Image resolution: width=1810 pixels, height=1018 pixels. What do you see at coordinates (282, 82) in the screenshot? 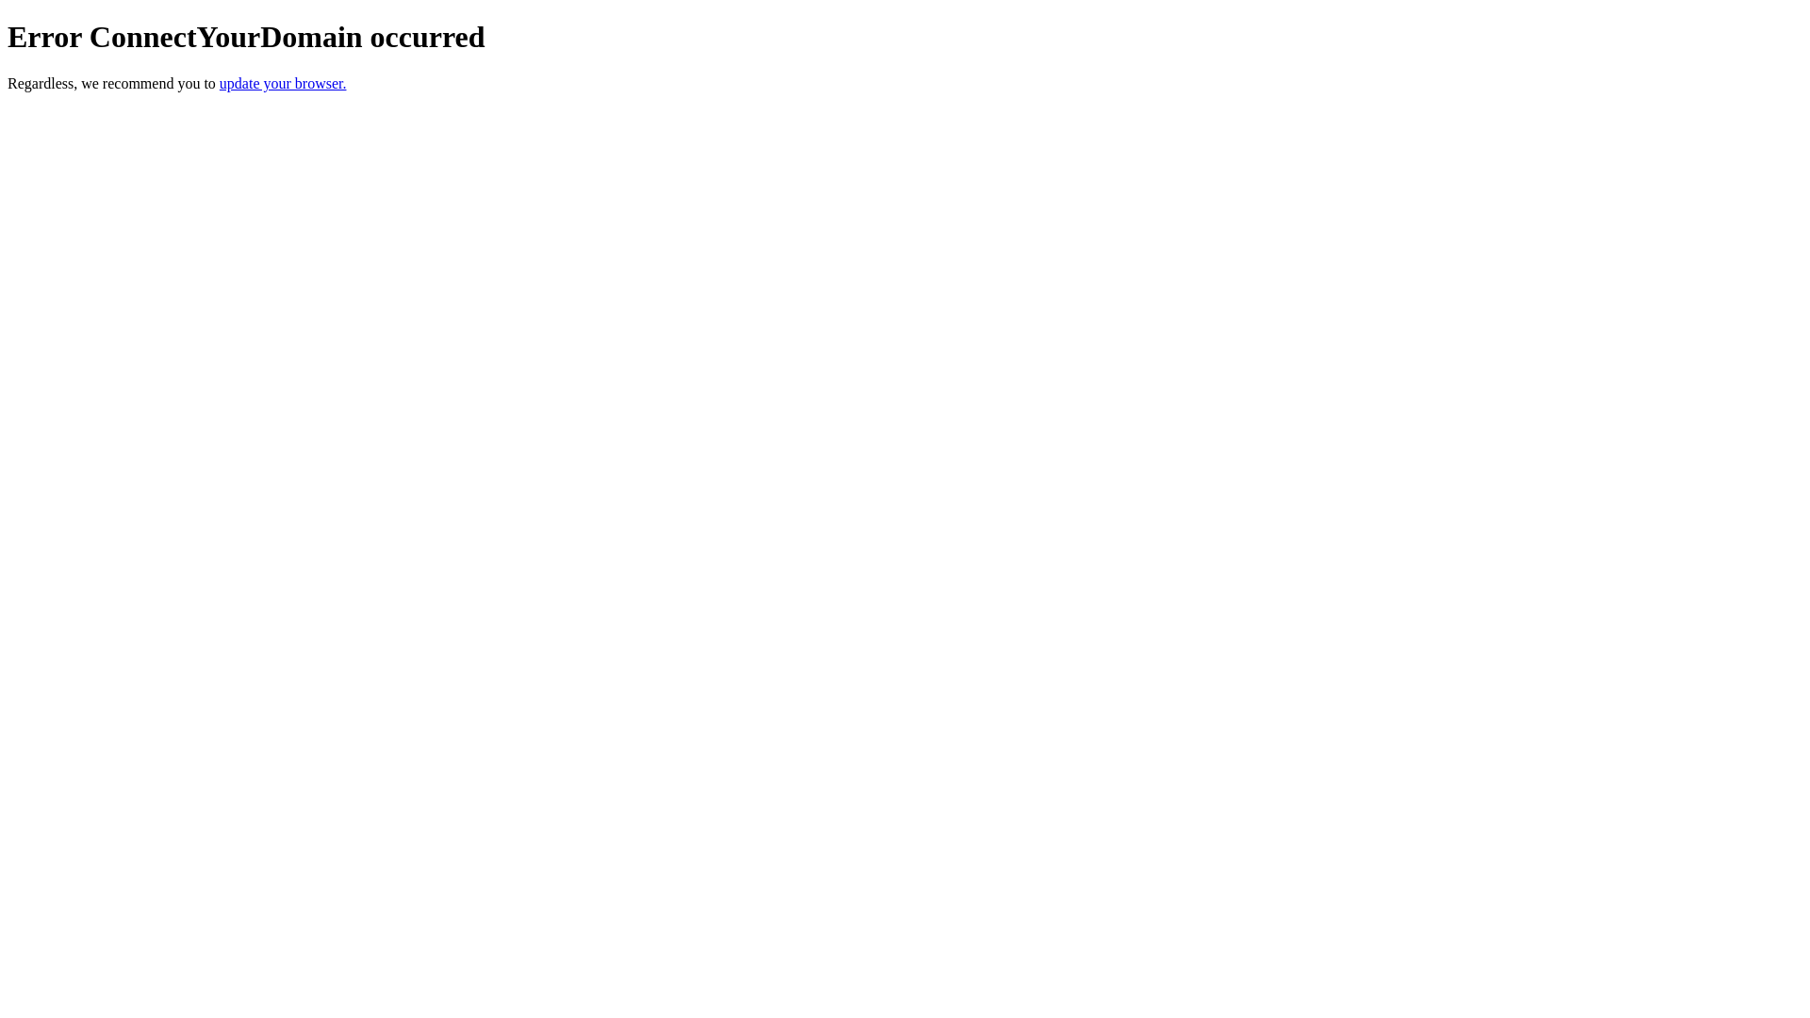
I see `'update your browser.'` at bounding box center [282, 82].